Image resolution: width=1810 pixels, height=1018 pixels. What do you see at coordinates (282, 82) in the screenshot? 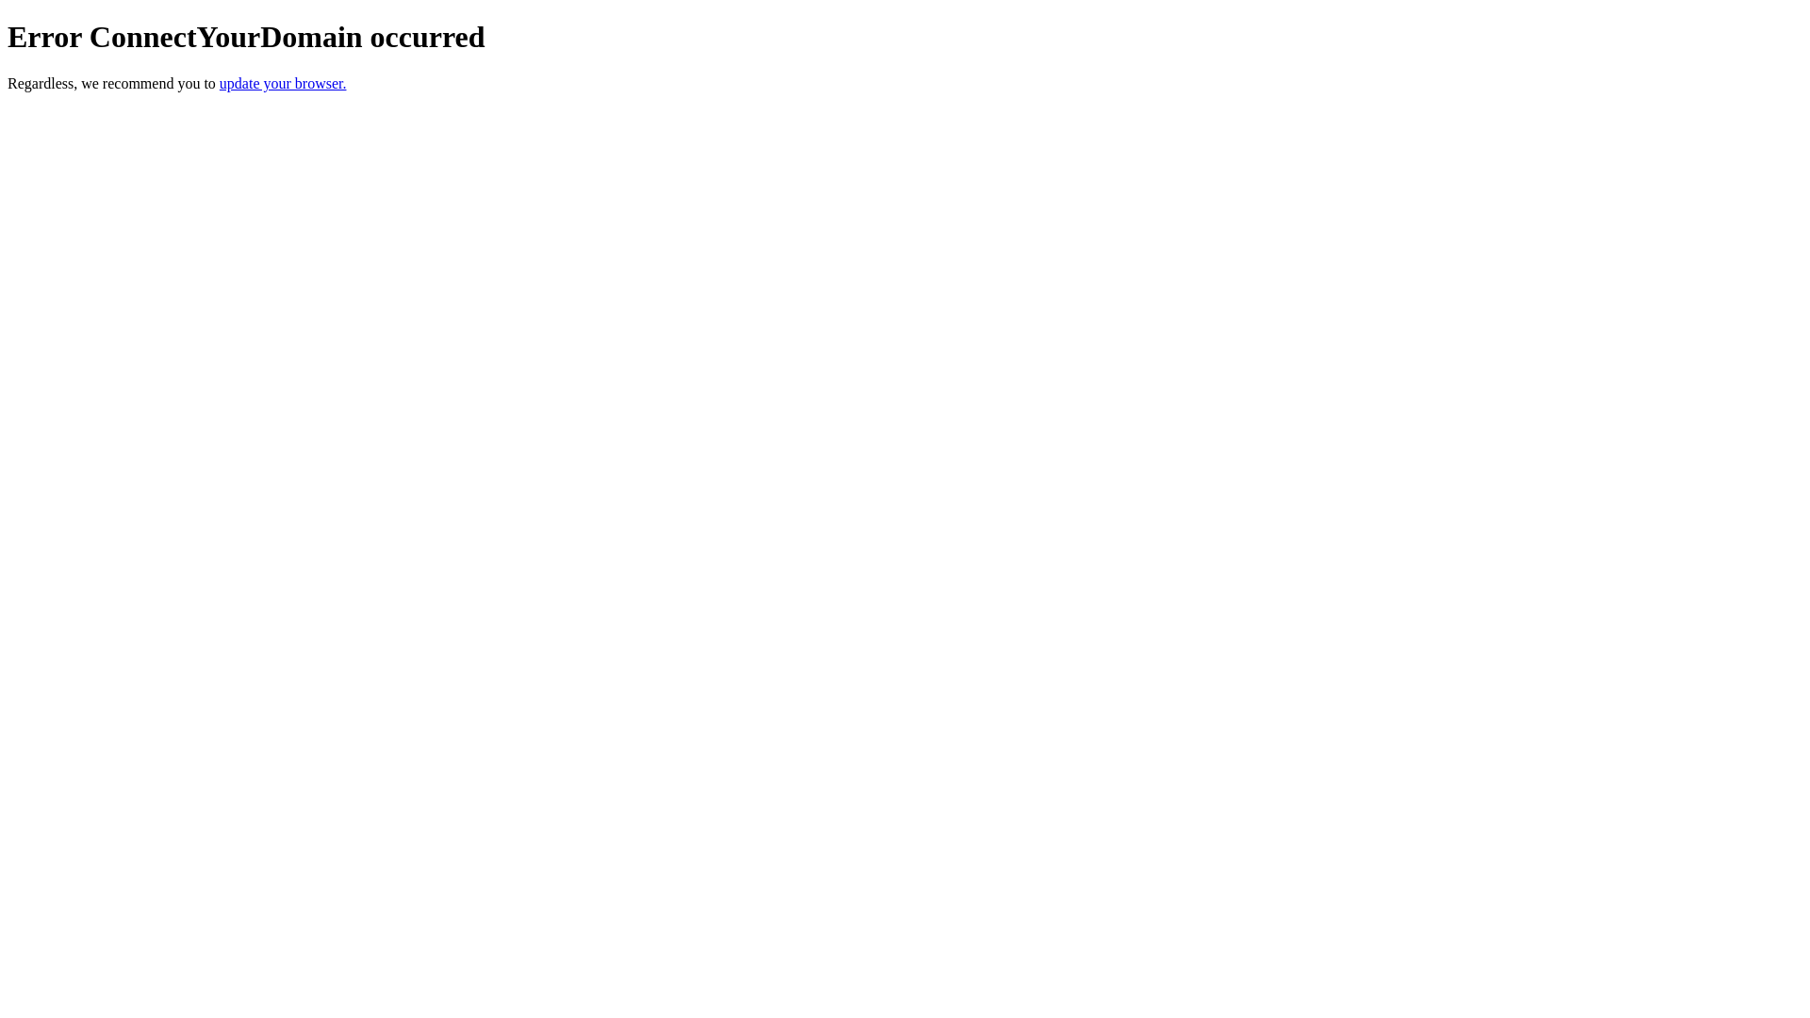
I see `'update your browser.'` at bounding box center [282, 82].